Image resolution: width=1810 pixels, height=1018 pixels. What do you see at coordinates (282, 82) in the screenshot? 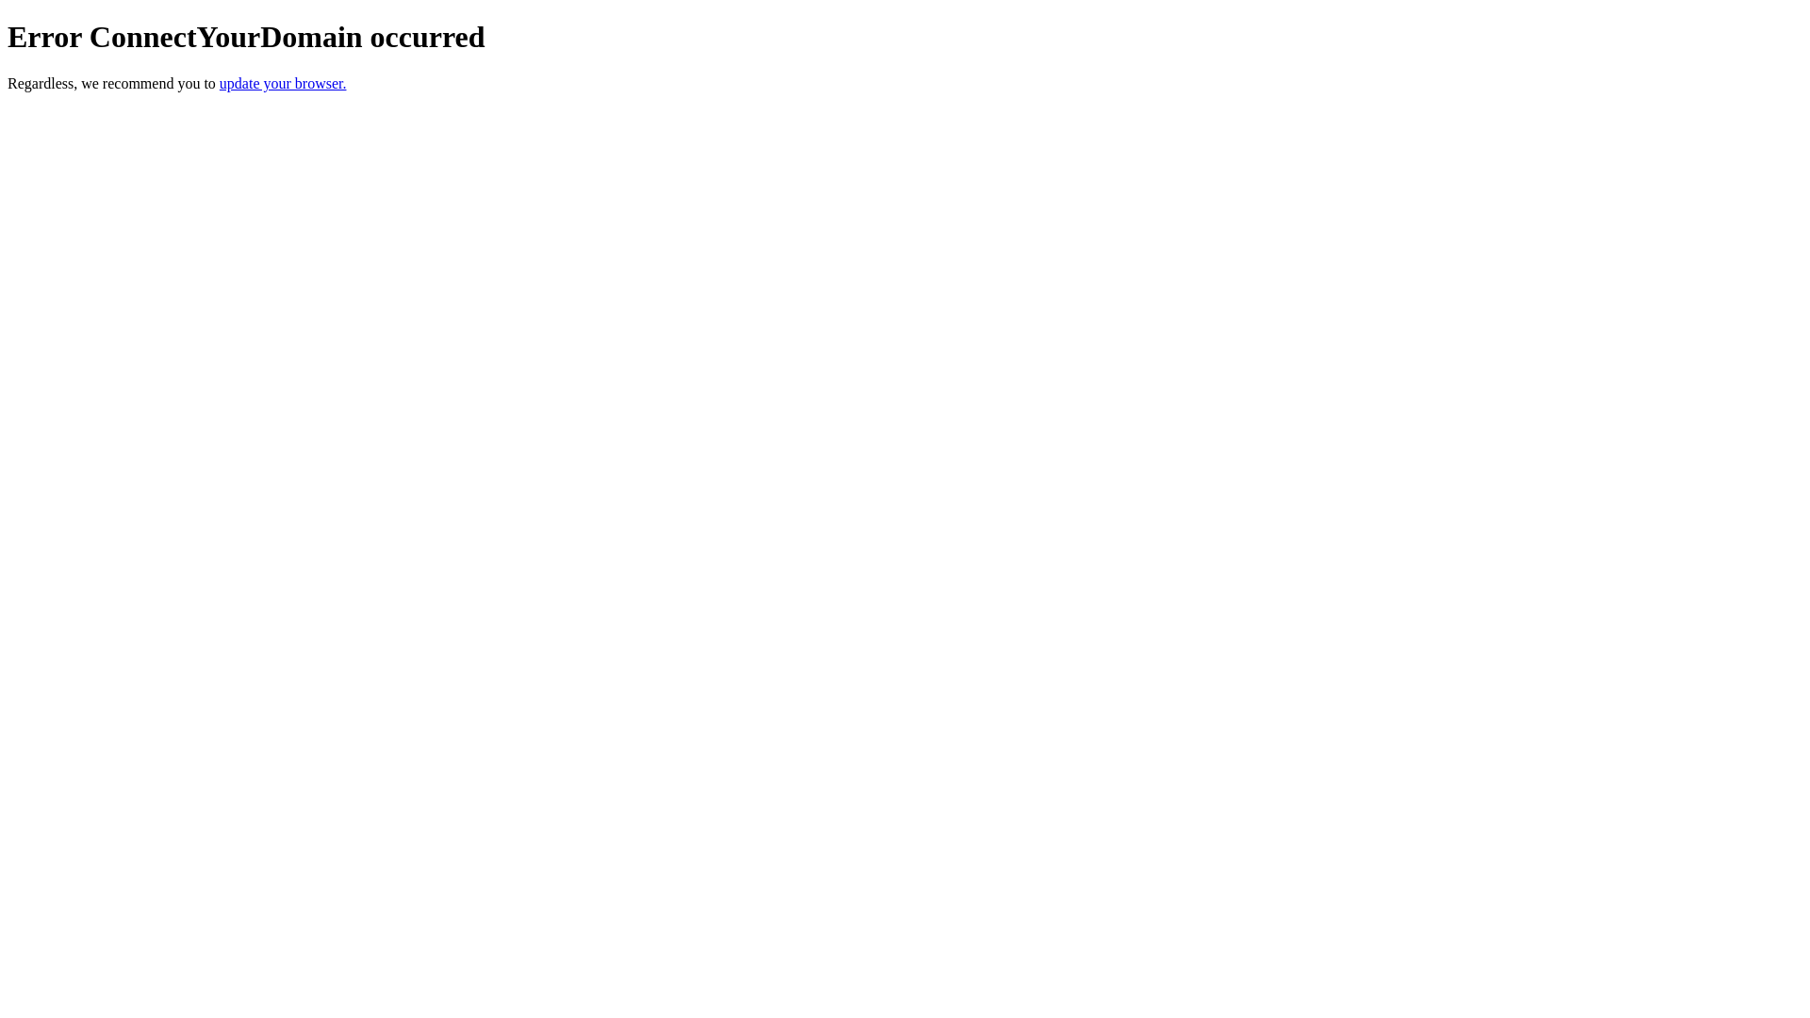
I see `'update your browser.'` at bounding box center [282, 82].